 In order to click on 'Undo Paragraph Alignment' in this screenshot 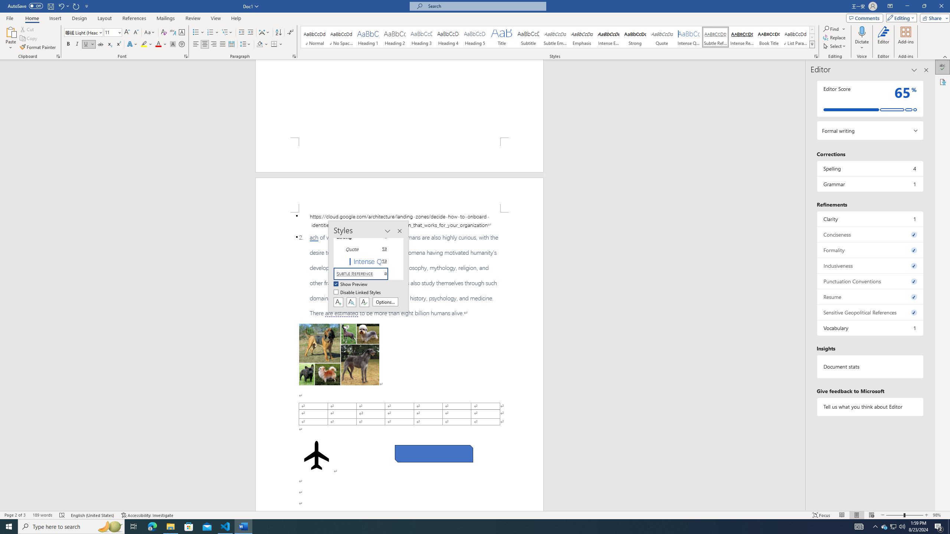, I will do `click(60, 6)`.